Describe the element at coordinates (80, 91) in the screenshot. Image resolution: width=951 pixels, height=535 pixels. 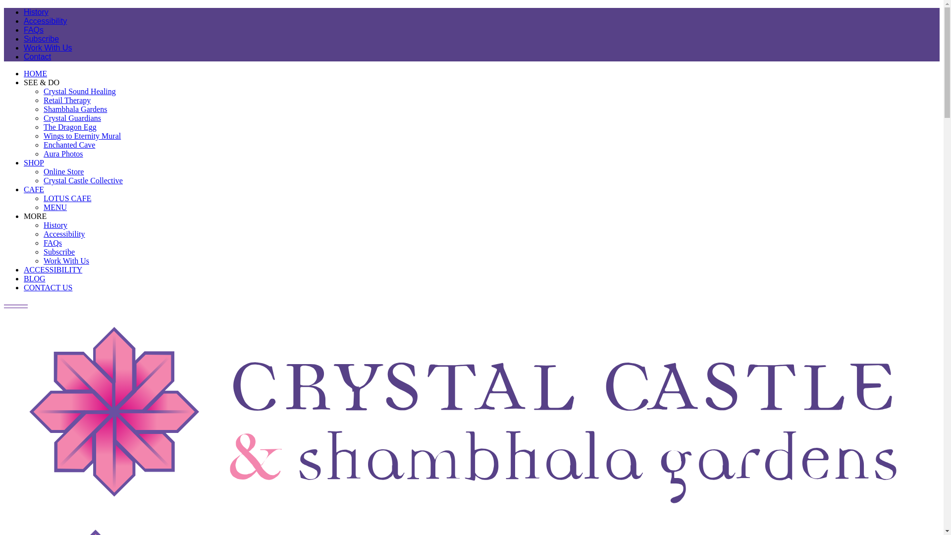
I see `'Crystal Sound Healing'` at that location.